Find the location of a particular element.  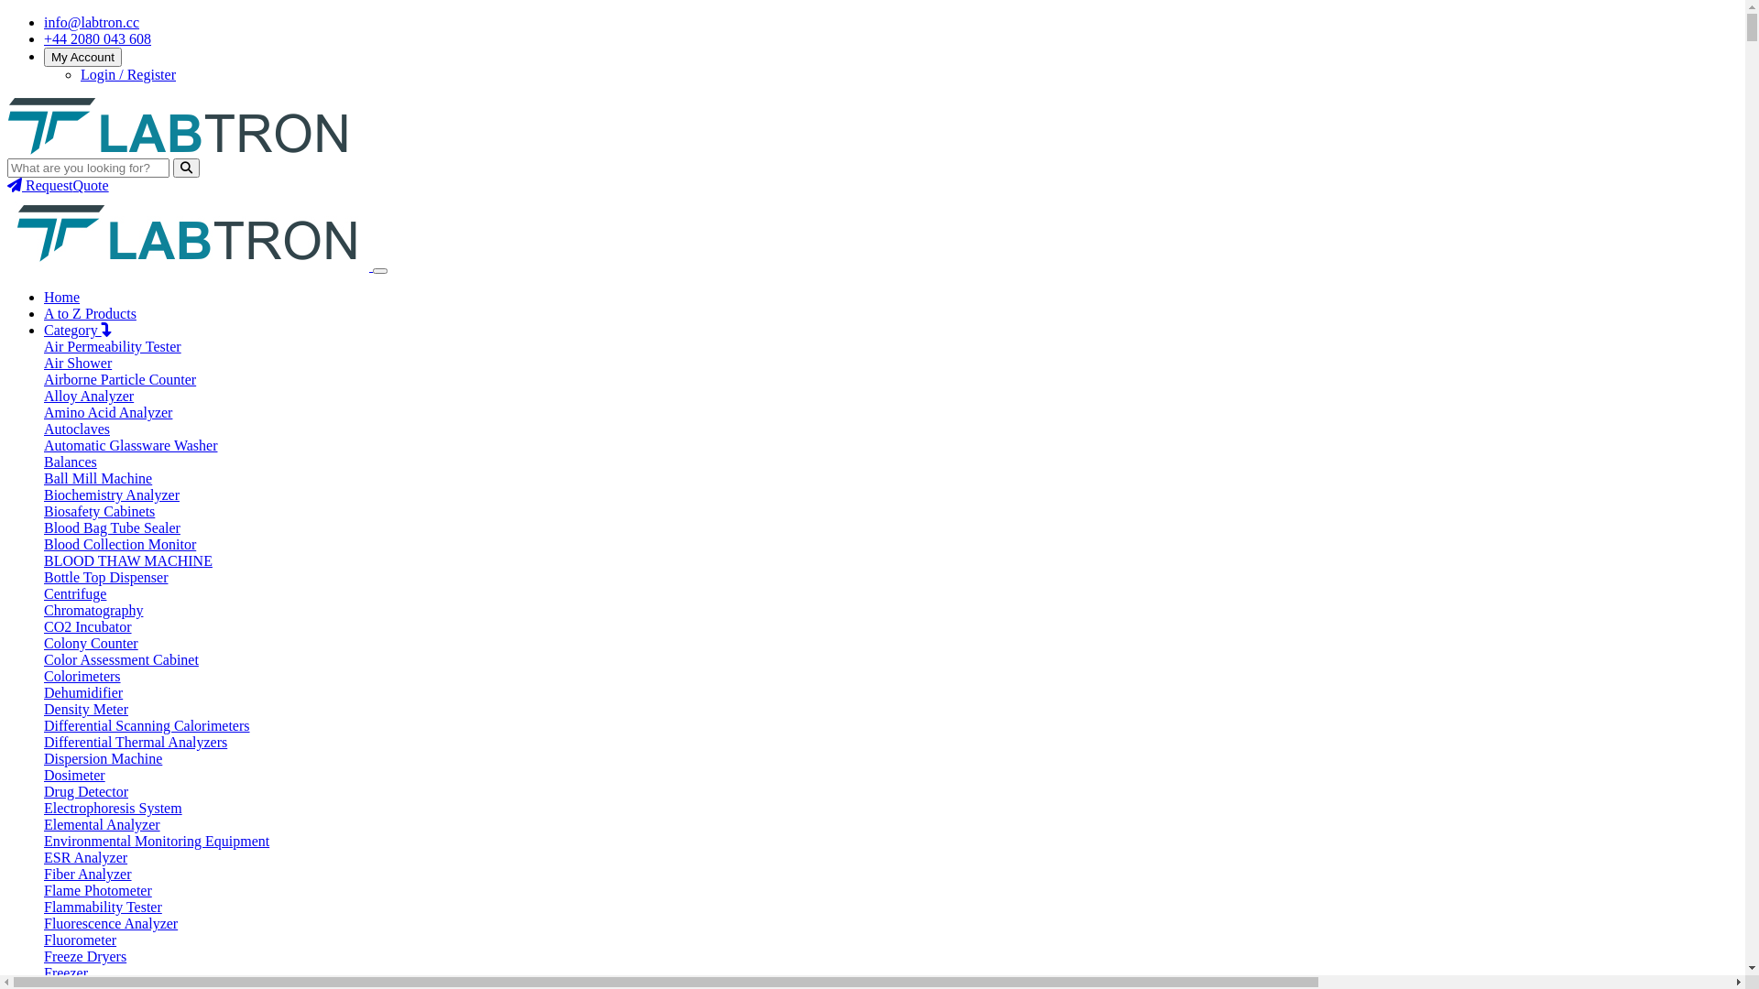

'Blood Bag Tube Sealer' is located at coordinates (111, 527).